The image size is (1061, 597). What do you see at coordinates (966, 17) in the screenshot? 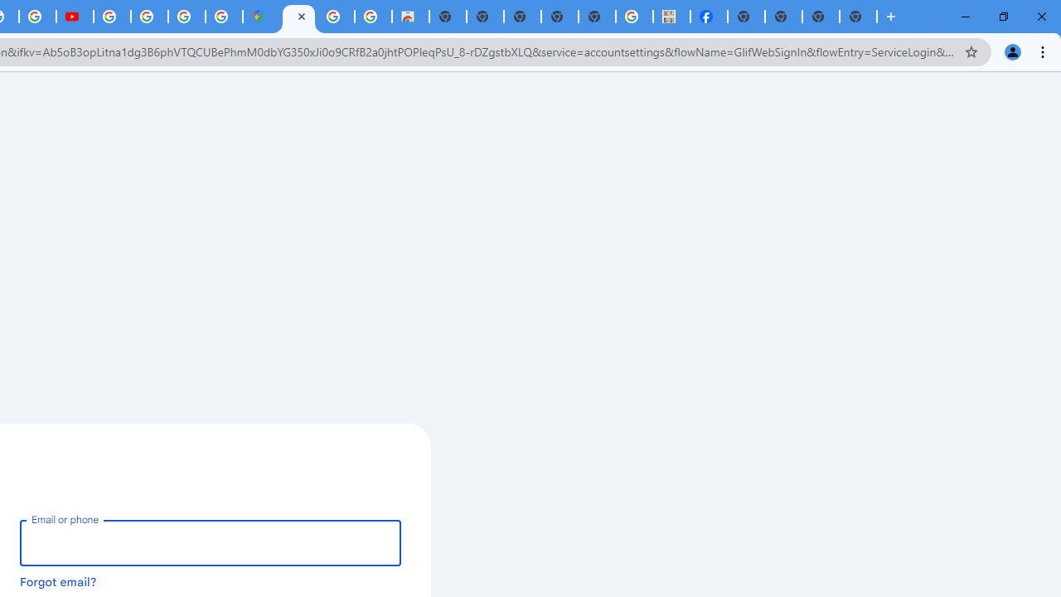
I see `'Minimize'` at bounding box center [966, 17].